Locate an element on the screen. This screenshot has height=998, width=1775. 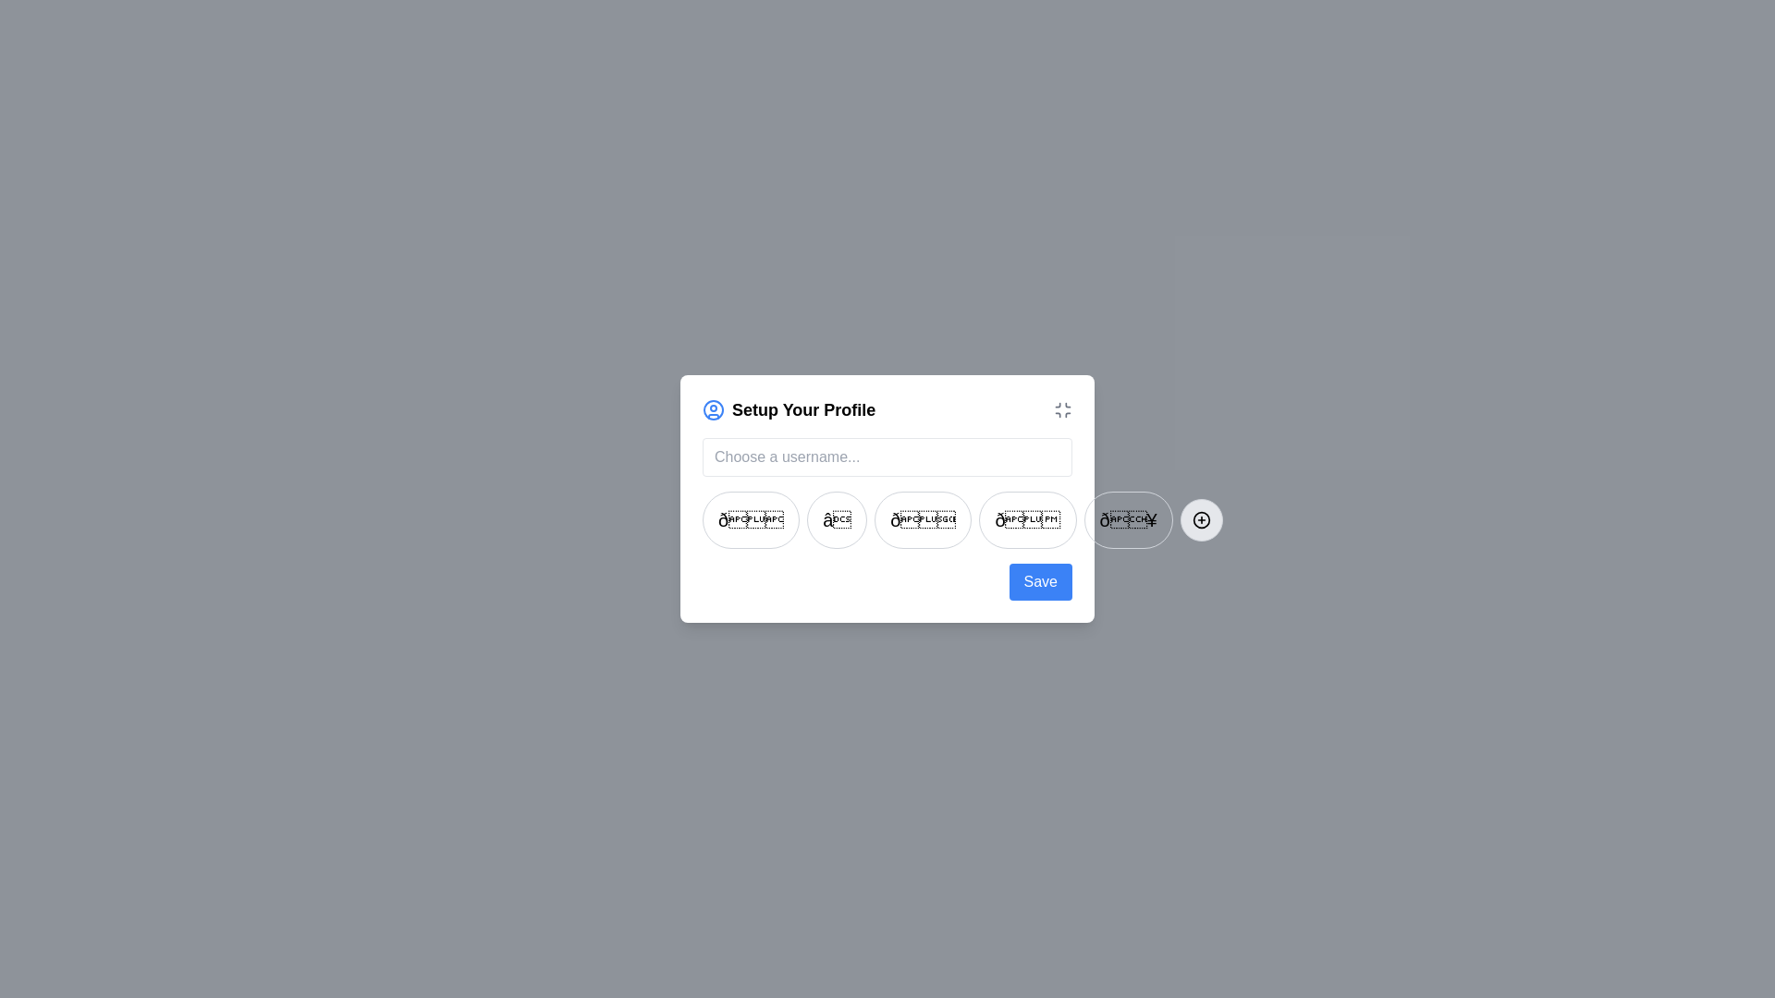
the styled button containing the character '🔧' is located at coordinates (1127, 520).